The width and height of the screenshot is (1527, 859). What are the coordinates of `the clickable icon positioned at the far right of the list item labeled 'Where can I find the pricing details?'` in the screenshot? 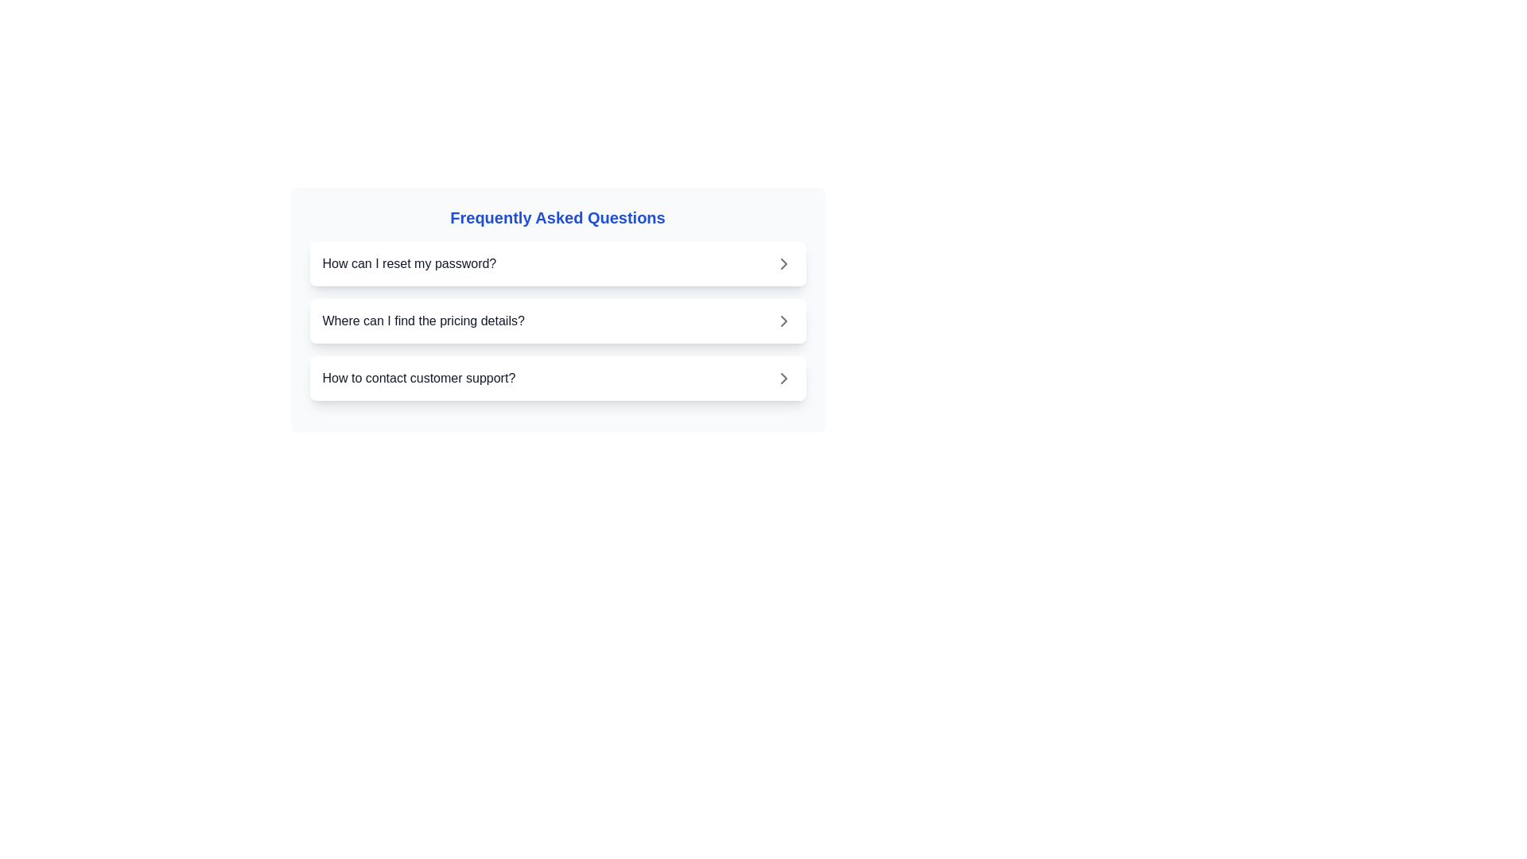 It's located at (783, 321).